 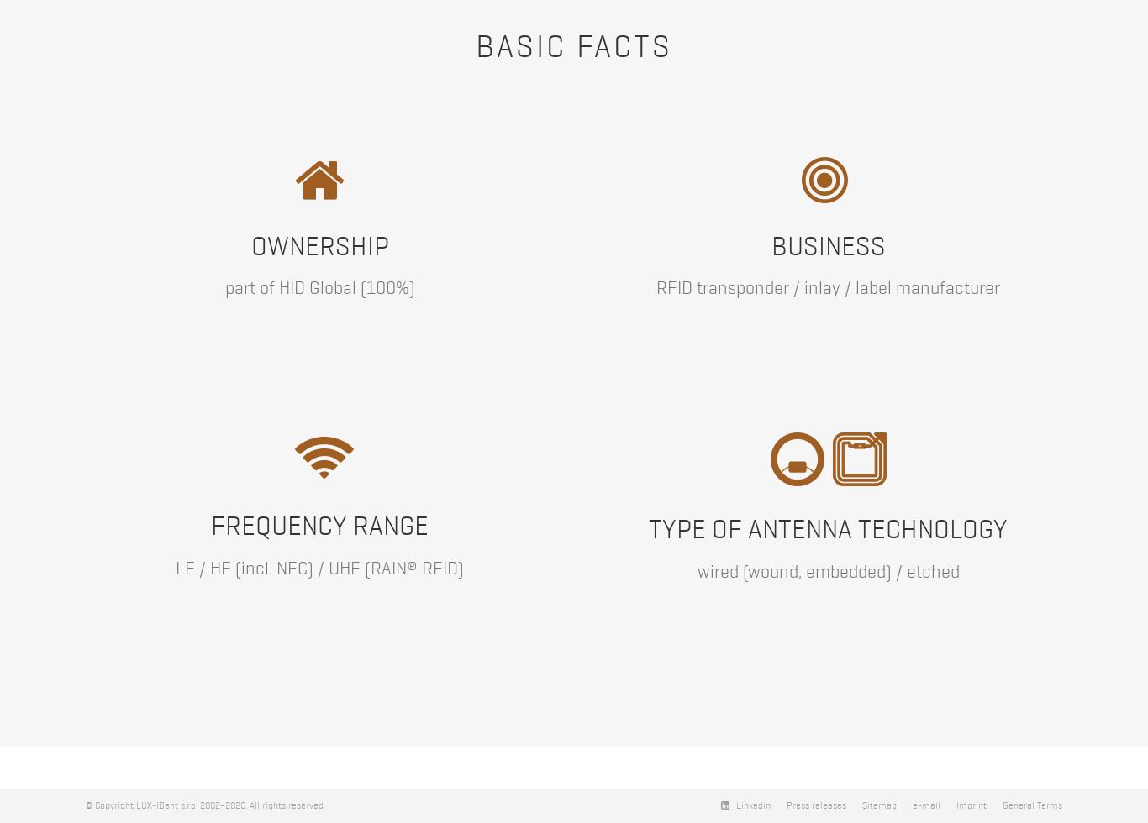 I want to click on 'Imprint', so click(x=972, y=805).